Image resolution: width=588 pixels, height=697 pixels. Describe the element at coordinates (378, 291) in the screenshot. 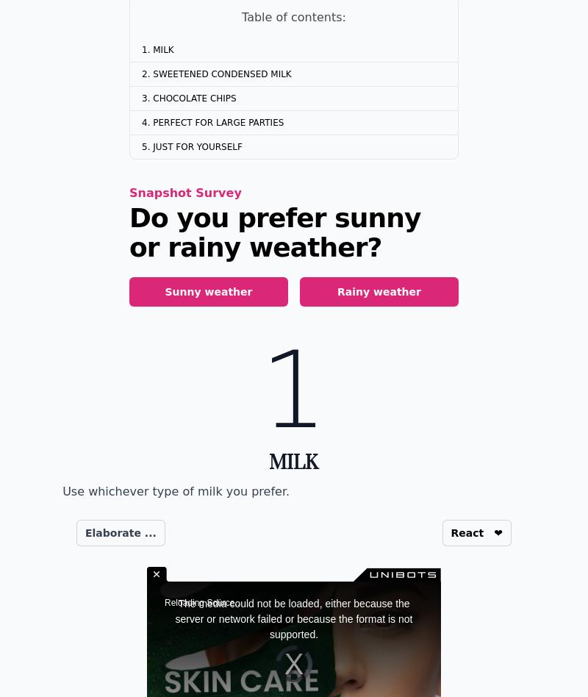

I see `'Rainy weather'` at that location.